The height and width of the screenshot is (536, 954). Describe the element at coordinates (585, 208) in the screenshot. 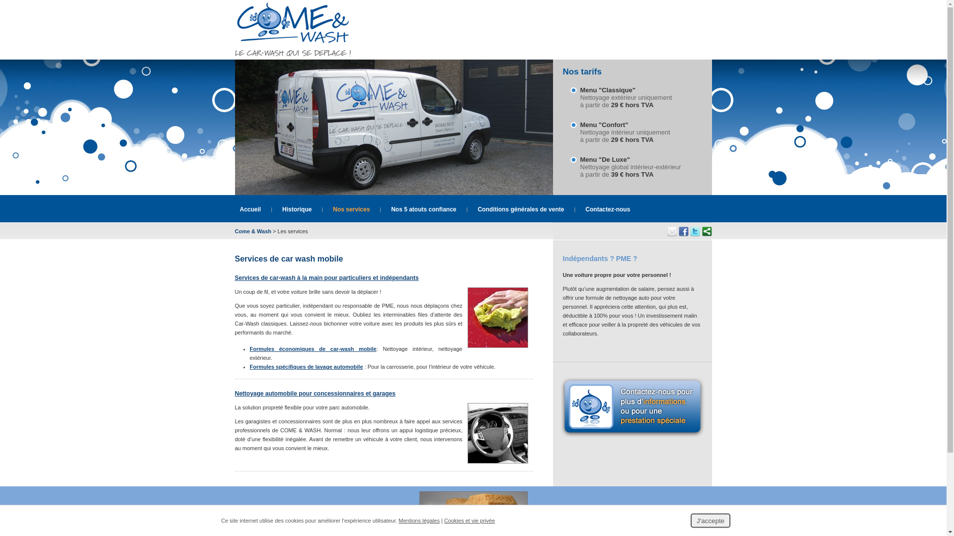

I see `'Contactez-nous'` at that location.